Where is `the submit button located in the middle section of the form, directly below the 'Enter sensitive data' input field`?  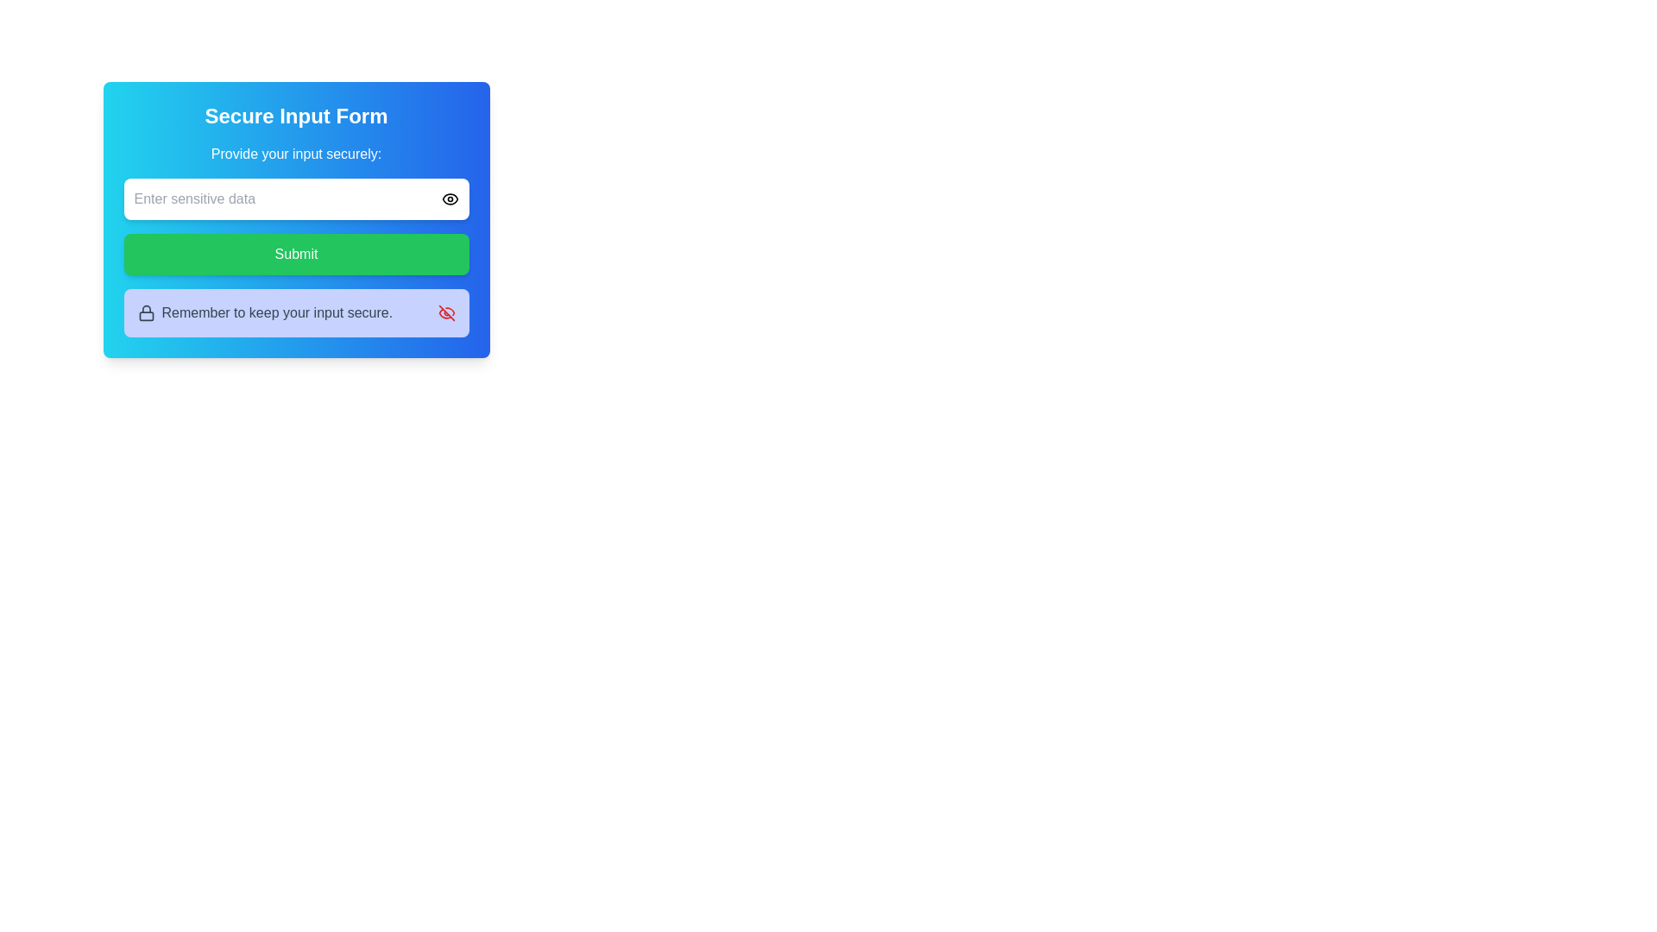
the submit button located in the middle section of the form, directly below the 'Enter sensitive data' input field is located at coordinates (296, 254).